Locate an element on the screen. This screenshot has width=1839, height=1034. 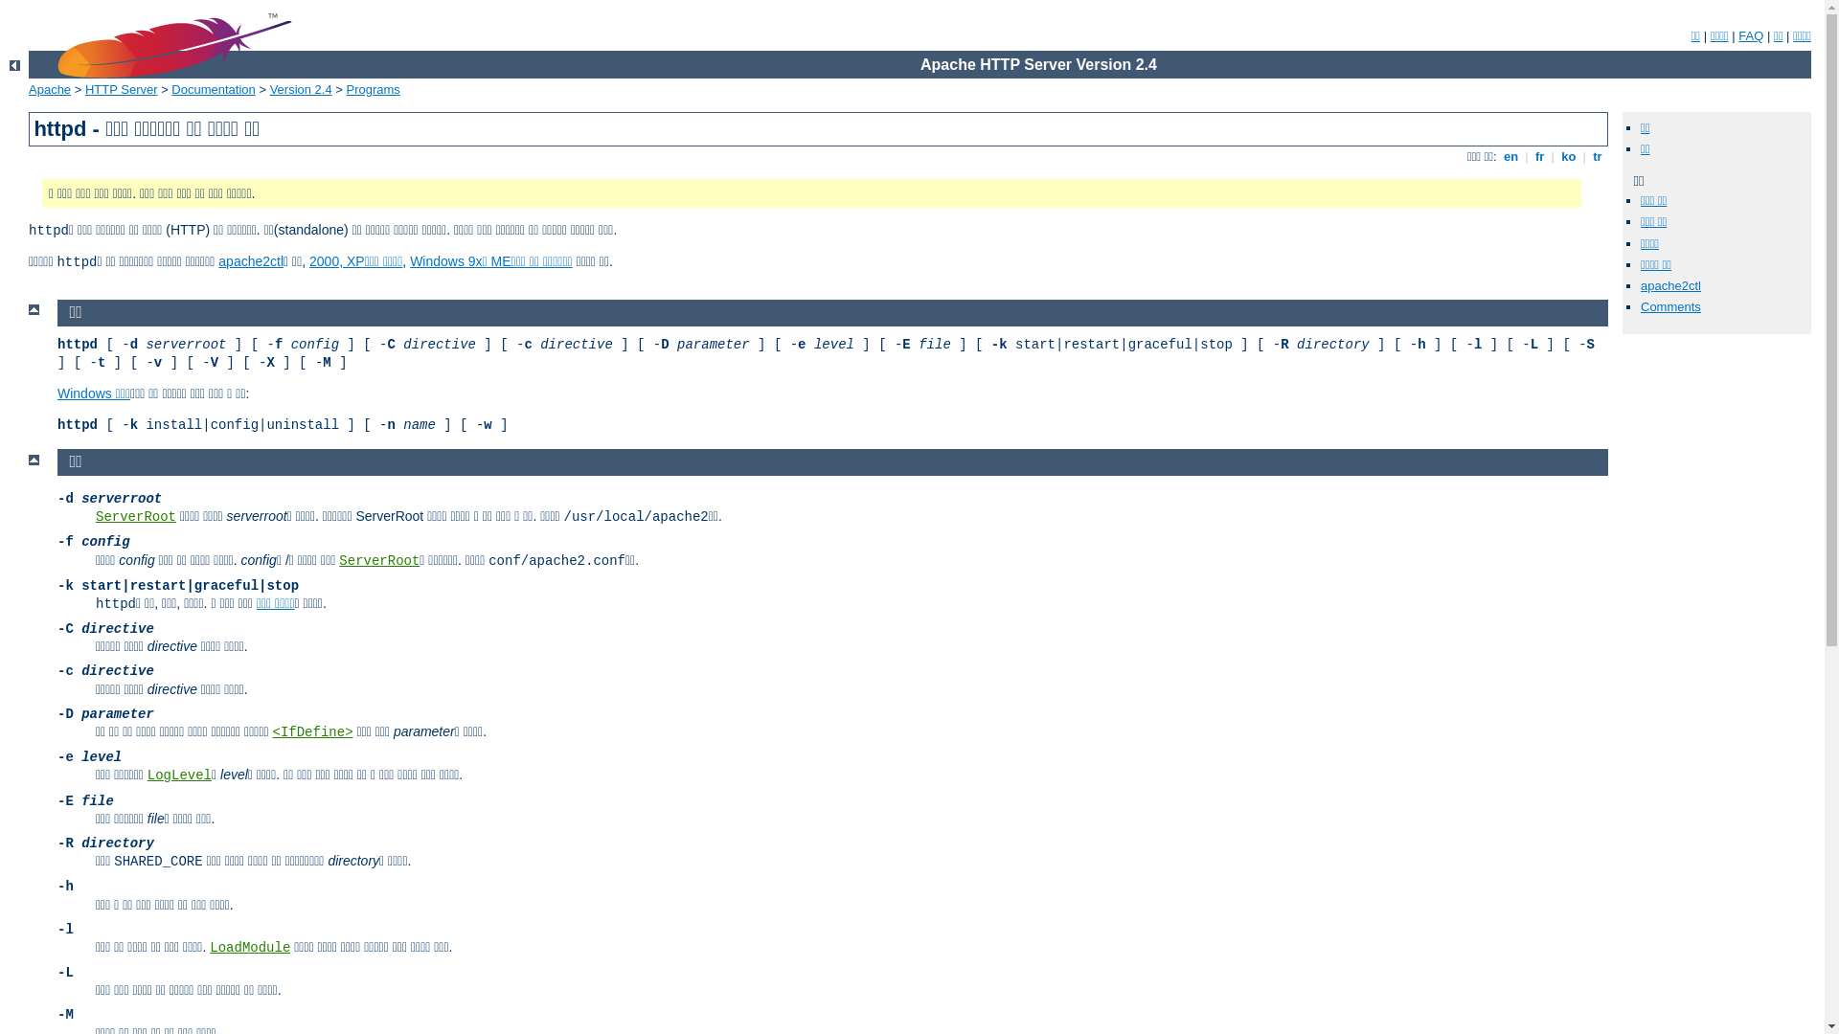
'<IfDefine>' is located at coordinates (271, 731).